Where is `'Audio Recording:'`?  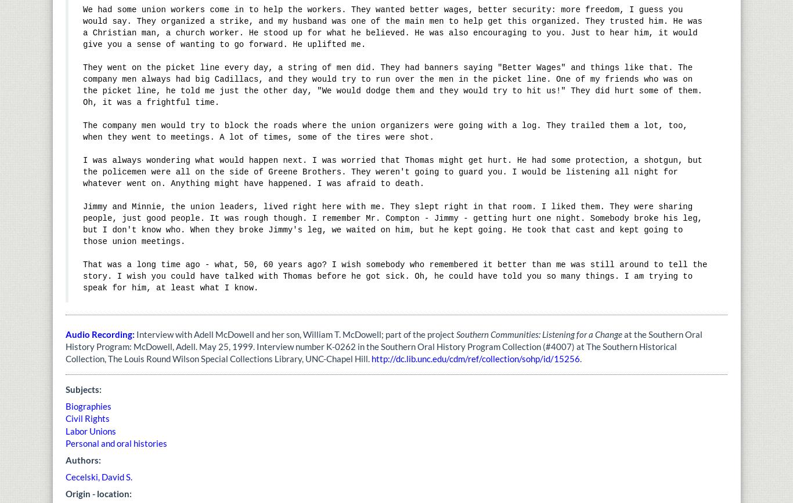 'Audio Recording:' is located at coordinates (65, 334).